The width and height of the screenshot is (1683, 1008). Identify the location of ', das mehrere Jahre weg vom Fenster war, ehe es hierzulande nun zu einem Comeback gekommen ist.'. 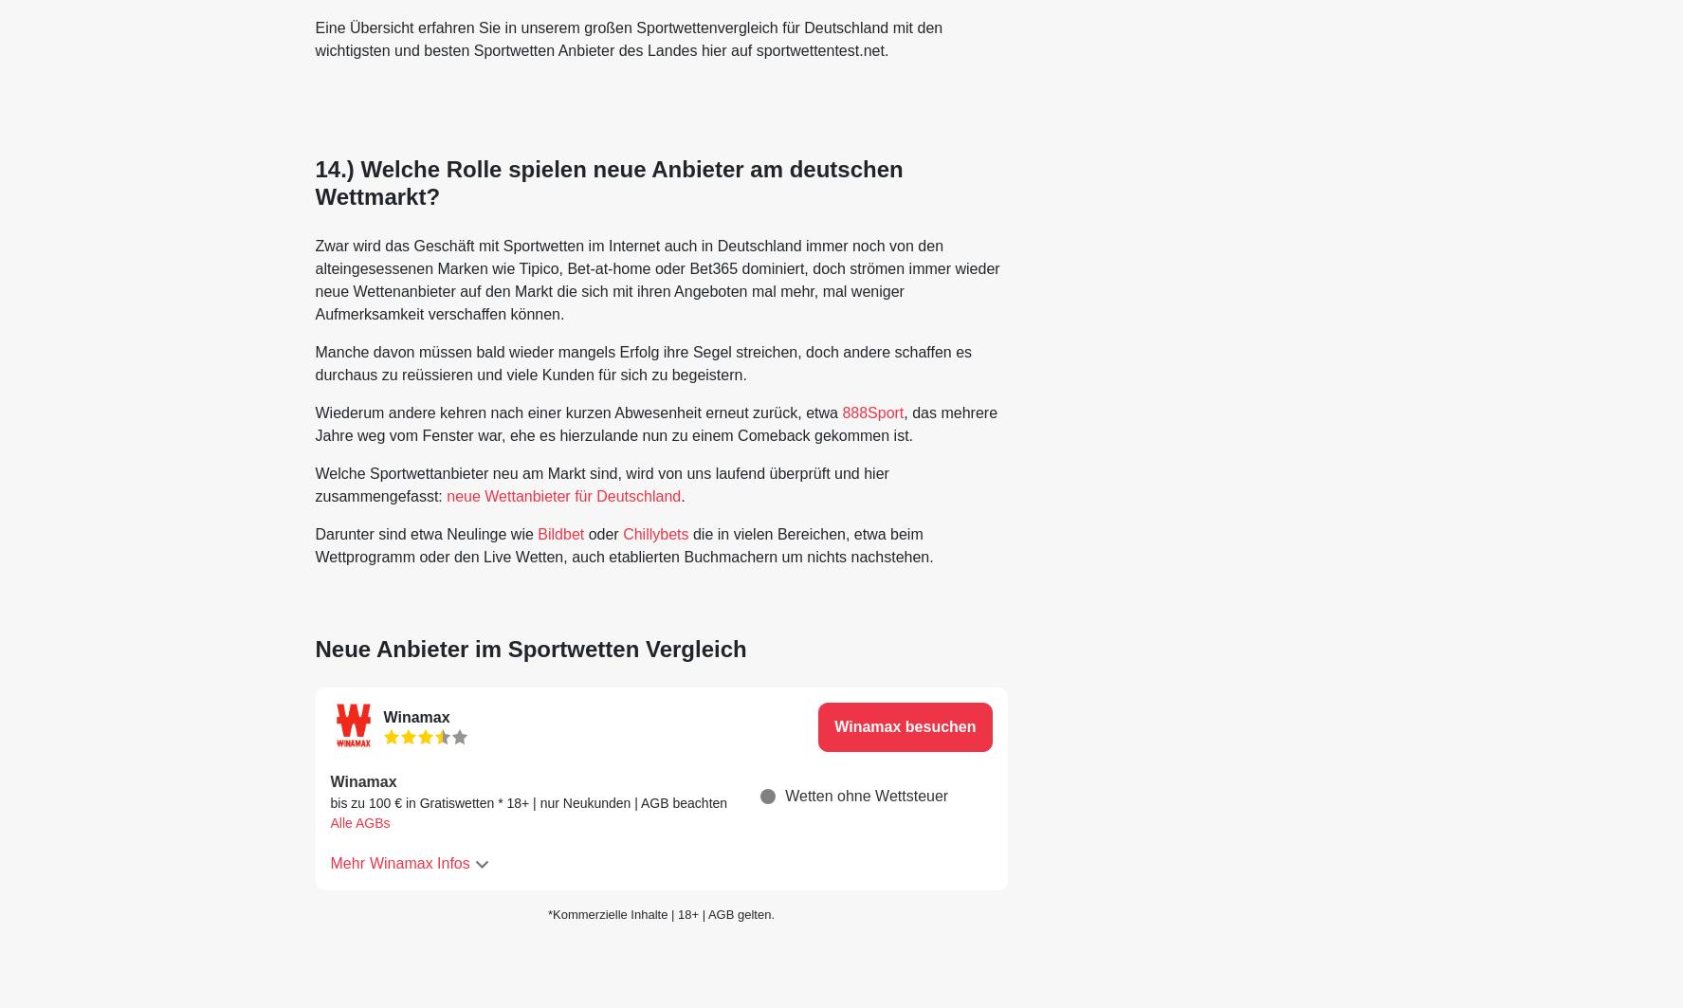
(655, 423).